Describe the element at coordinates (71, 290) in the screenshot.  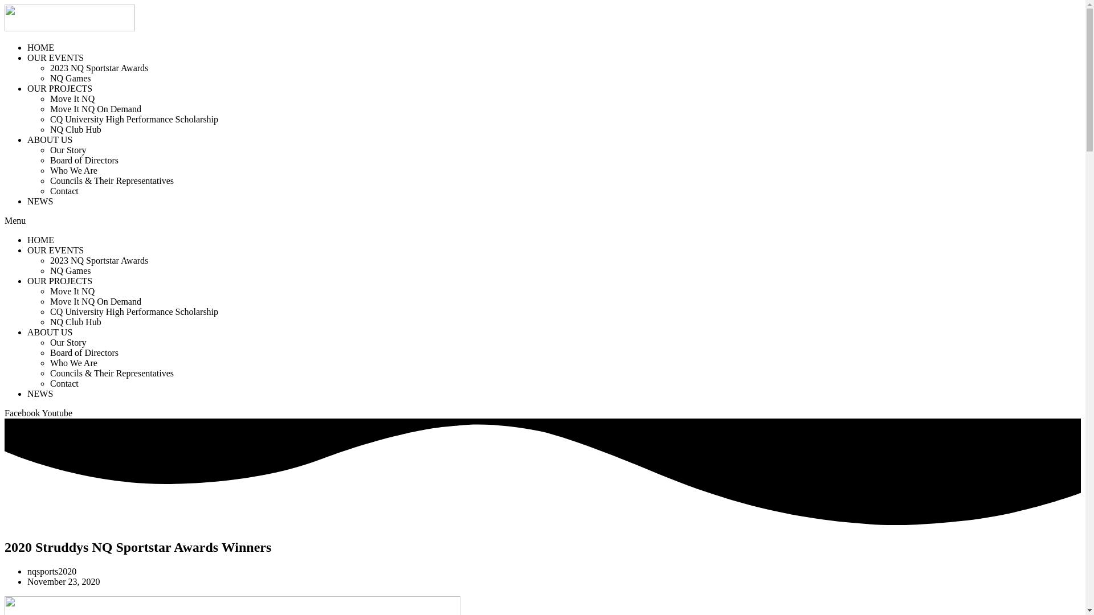
I see `'Move It NQ'` at that location.